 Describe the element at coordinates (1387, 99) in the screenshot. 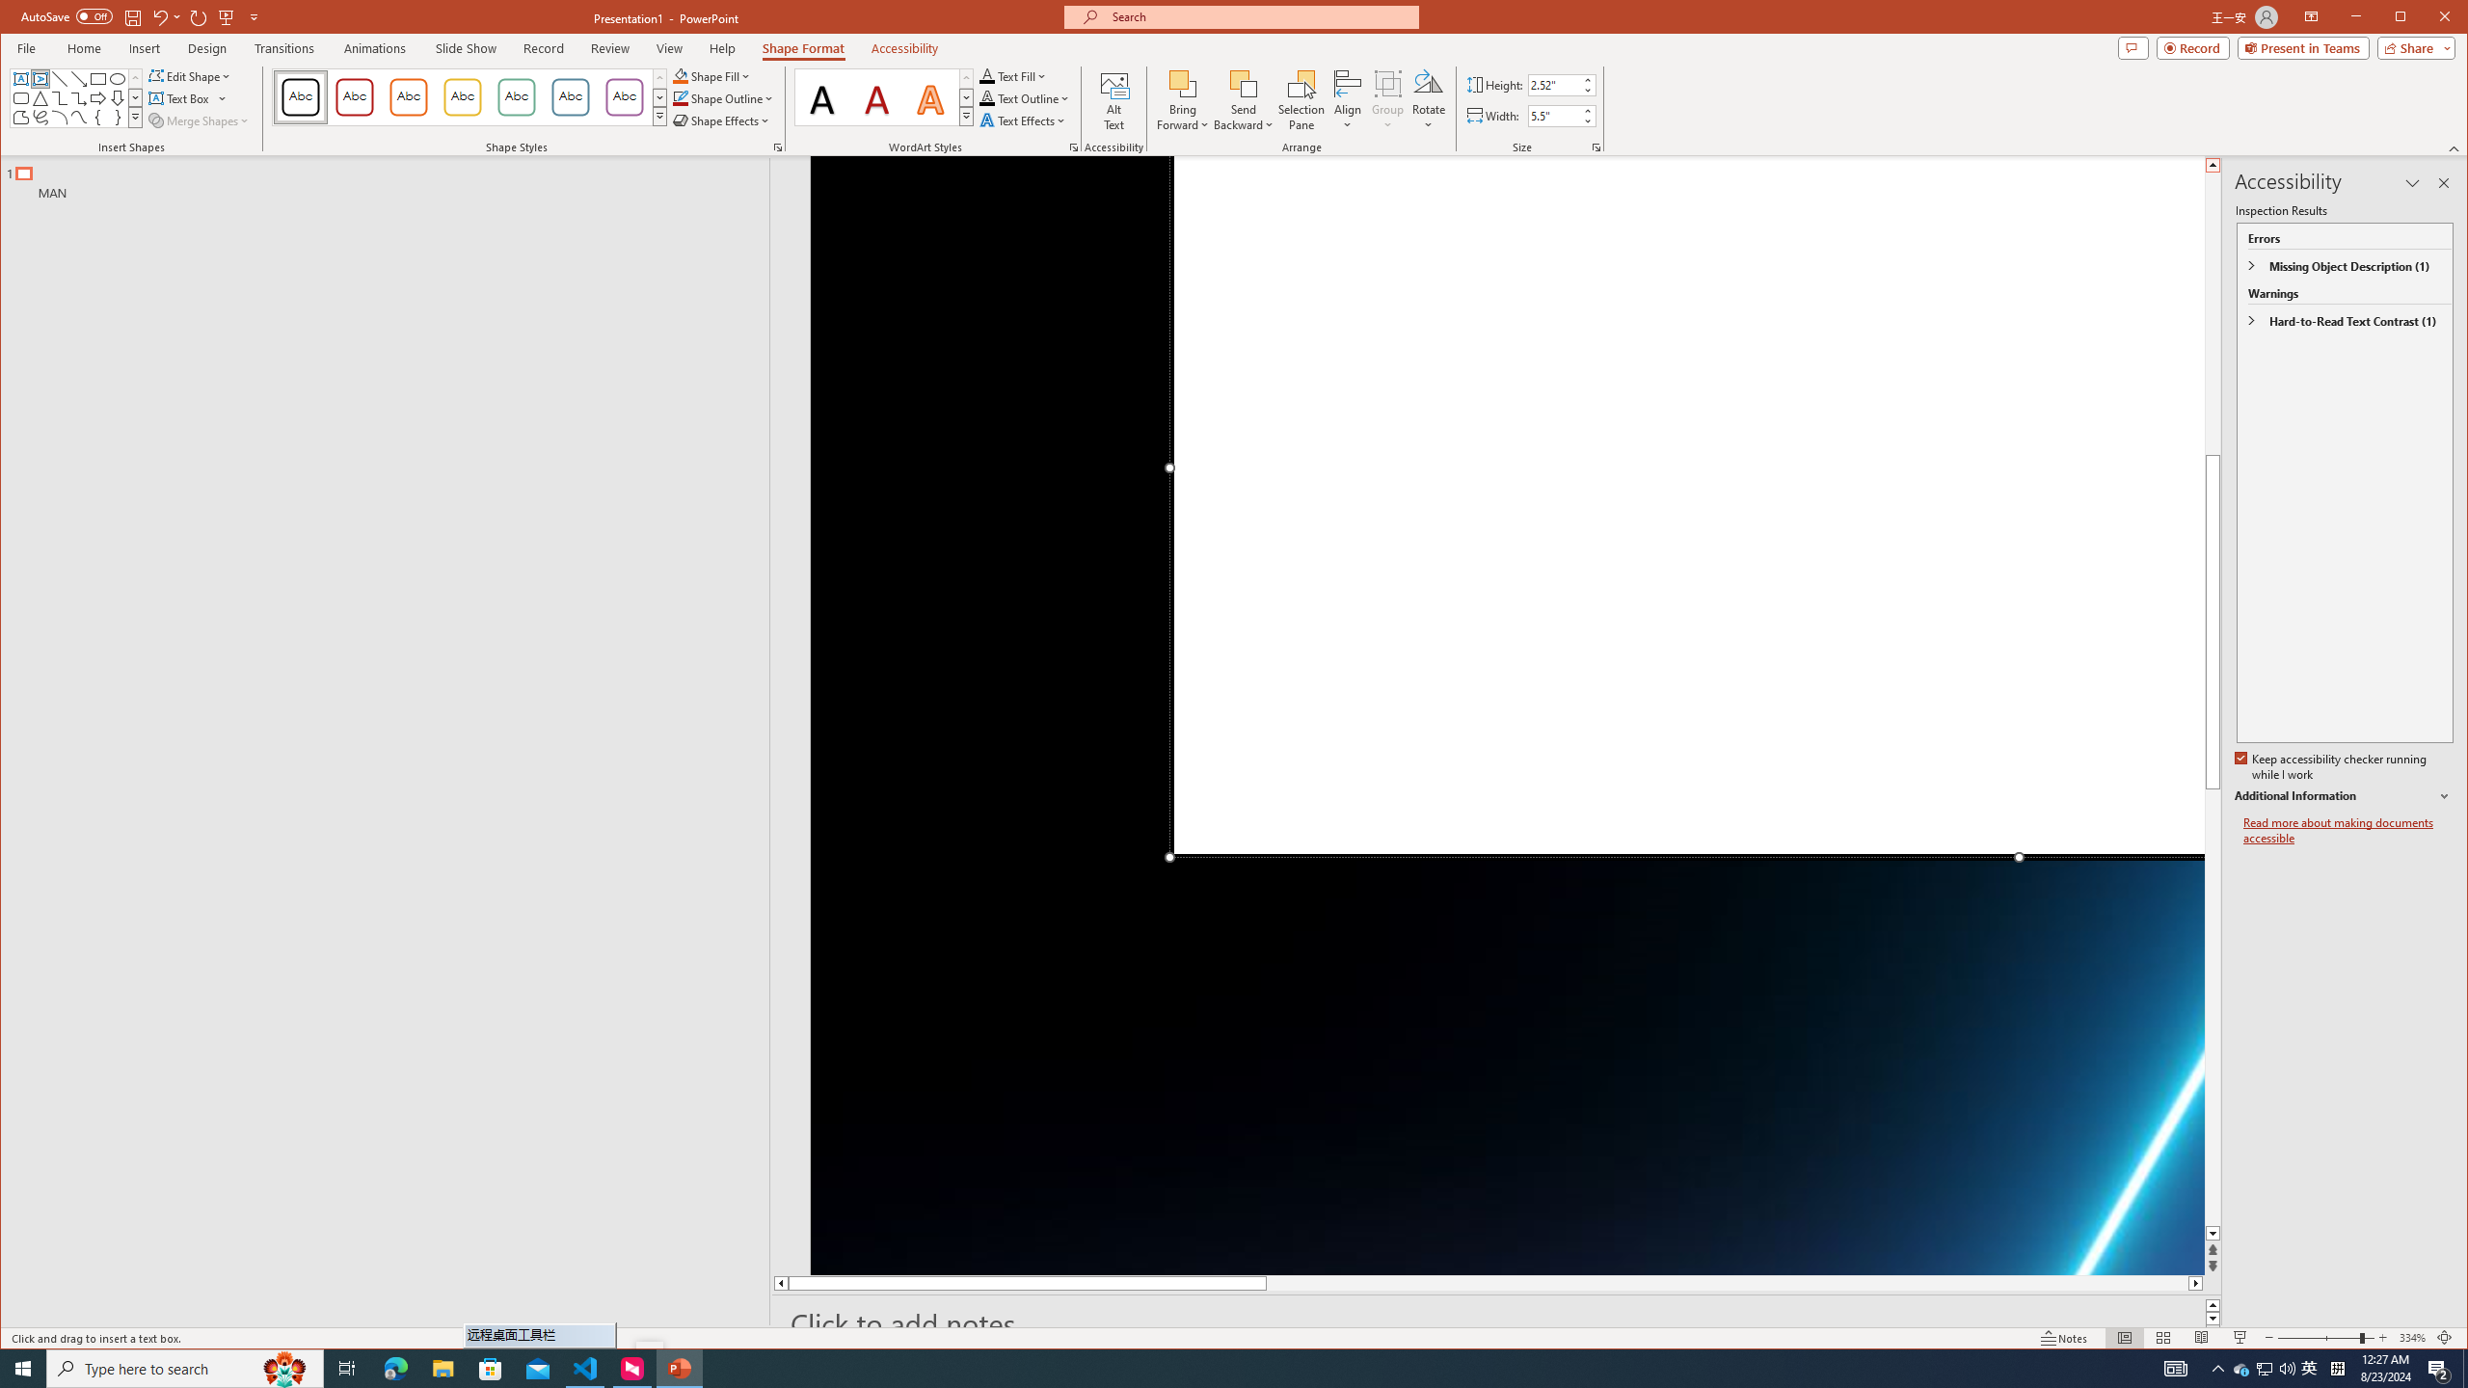

I see `'Group'` at that location.